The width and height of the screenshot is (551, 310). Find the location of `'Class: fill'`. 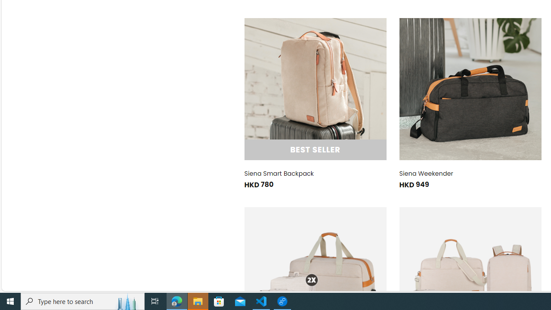

'Class: fill' is located at coordinates (470, 89).